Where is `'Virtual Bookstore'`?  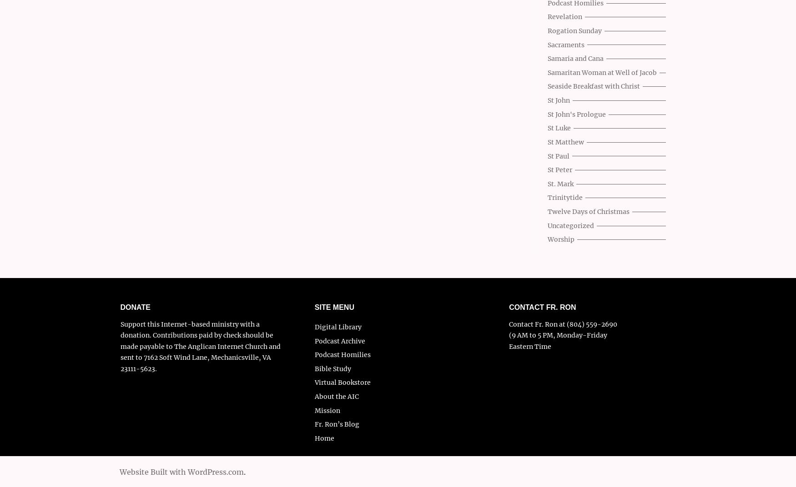
'Virtual Bookstore' is located at coordinates (342, 382).